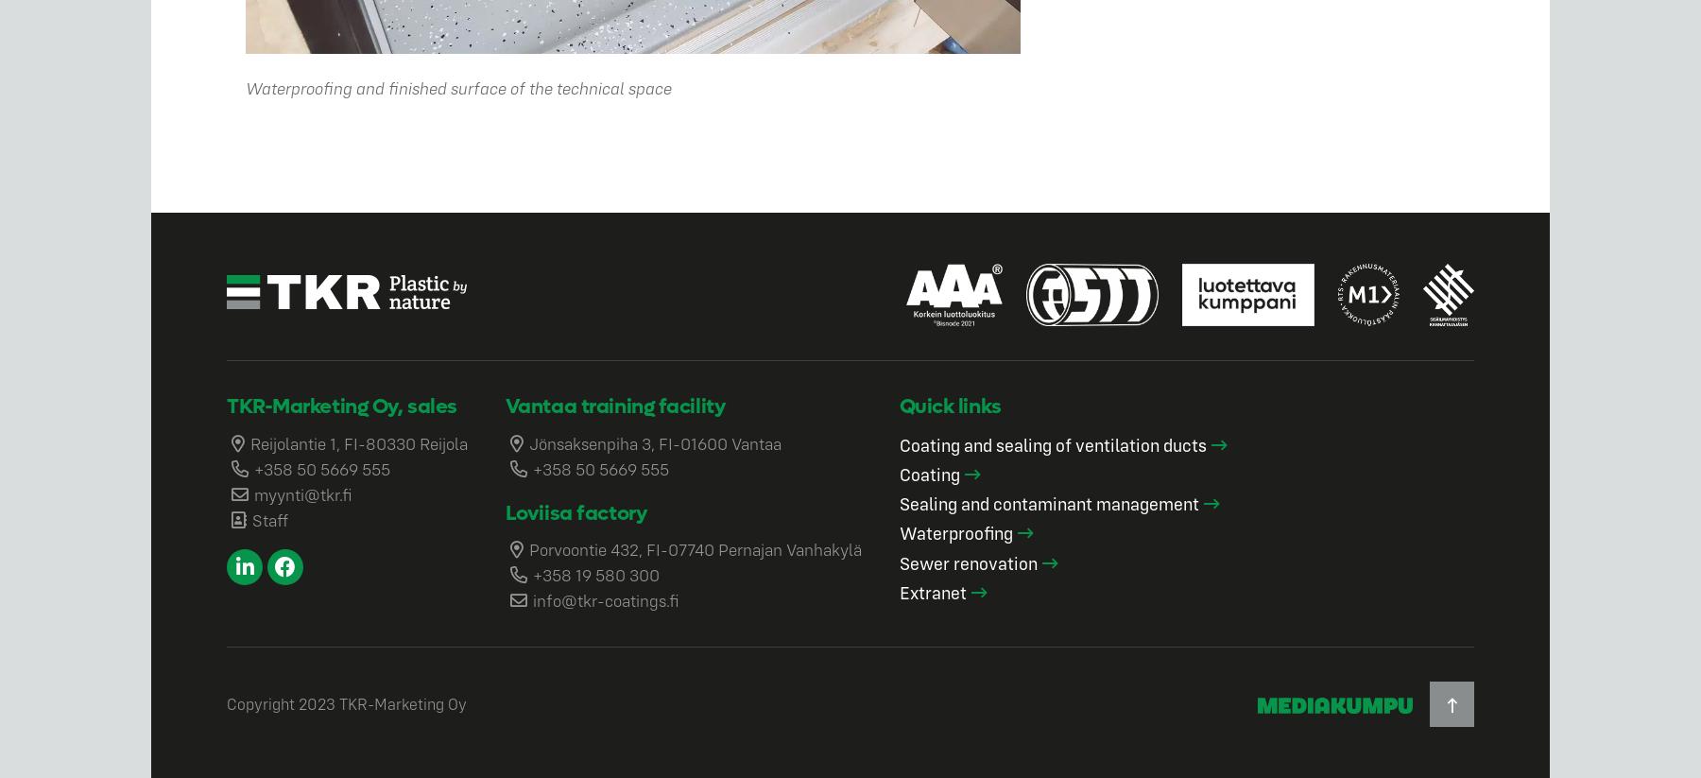 This screenshot has height=778, width=1701. Describe the element at coordinates (968, 562) in the screenshot. I see `'Sewer renovation'` at that location.